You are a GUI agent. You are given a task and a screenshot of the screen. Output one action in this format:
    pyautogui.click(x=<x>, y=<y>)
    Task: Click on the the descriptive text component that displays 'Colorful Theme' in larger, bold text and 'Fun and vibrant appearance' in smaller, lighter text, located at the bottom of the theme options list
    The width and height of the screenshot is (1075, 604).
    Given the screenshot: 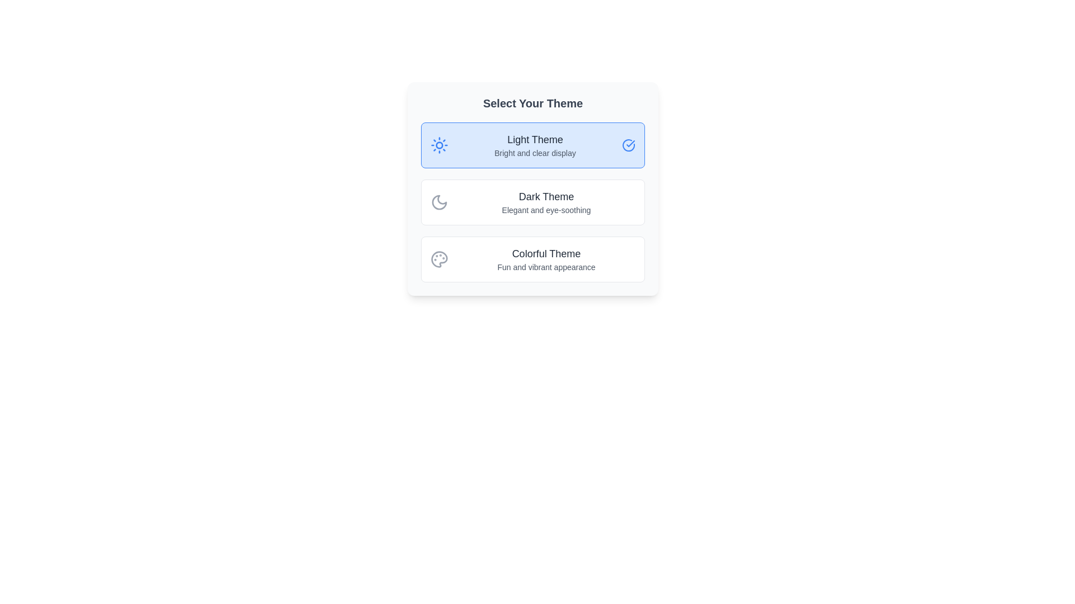 What is the action you would take?
    pyautogui.click(x=546, y=259)
    